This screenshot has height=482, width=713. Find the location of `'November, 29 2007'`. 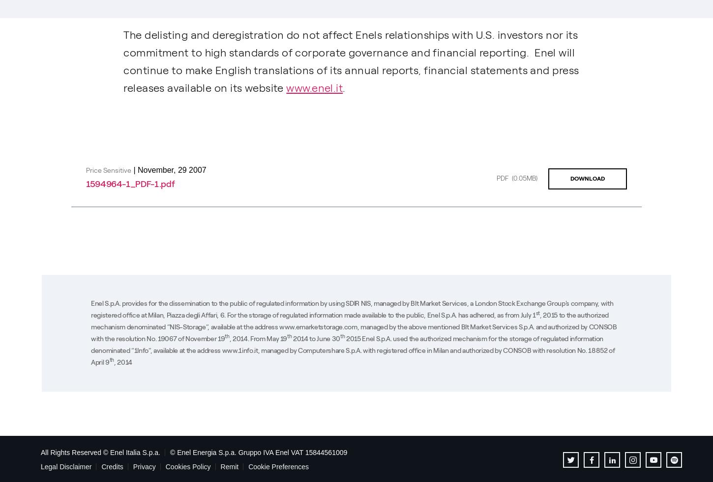

'November, 29 2007' is located at coordinates (172, 169).